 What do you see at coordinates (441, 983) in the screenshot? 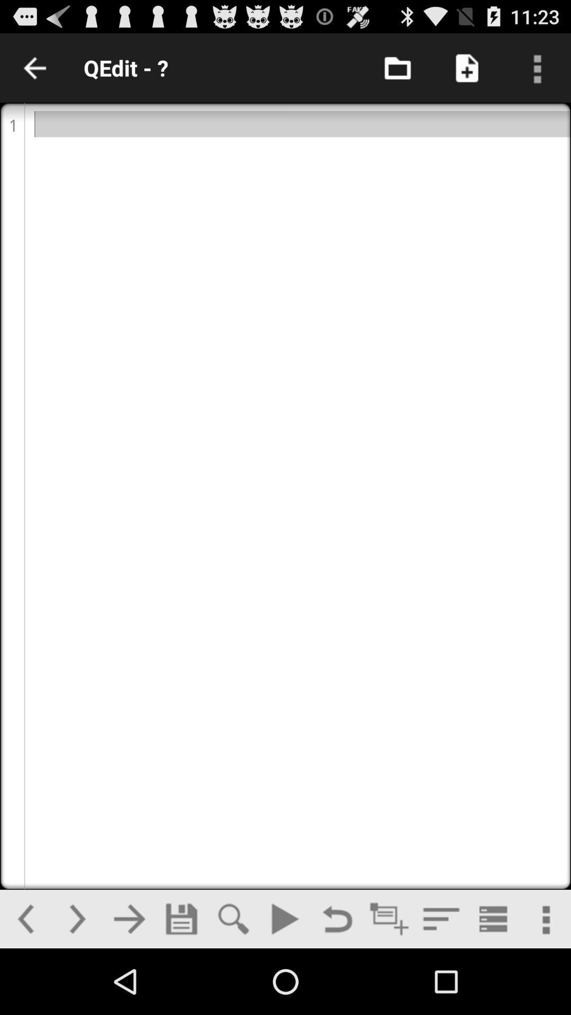
I see `the filter_list icon` at bounding box center [441, 983].